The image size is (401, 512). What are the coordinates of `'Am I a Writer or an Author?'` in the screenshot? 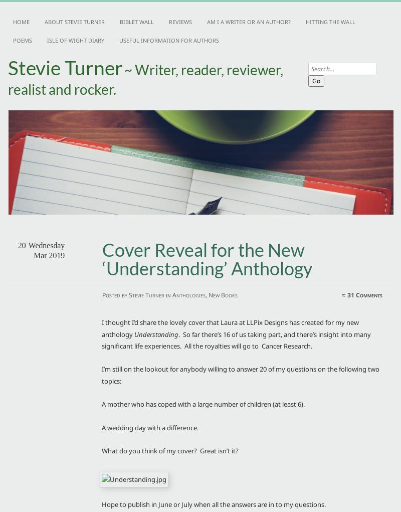 It's located at (249, 22).